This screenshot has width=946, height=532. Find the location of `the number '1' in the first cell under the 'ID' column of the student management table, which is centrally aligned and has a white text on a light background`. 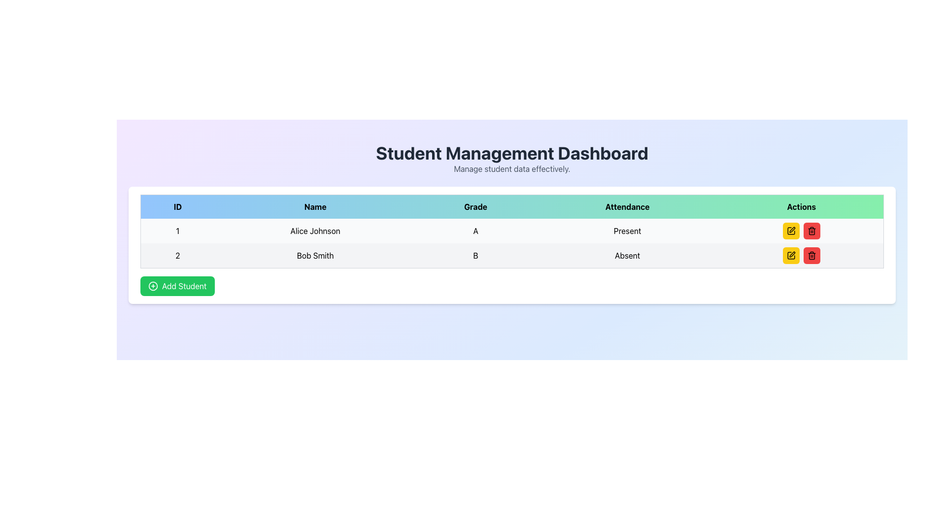

the number '1' in the first cell under the 'ID' column of the student management table, which is centrally aligned and has a white text on a light background is located at coordinates (177, 231).